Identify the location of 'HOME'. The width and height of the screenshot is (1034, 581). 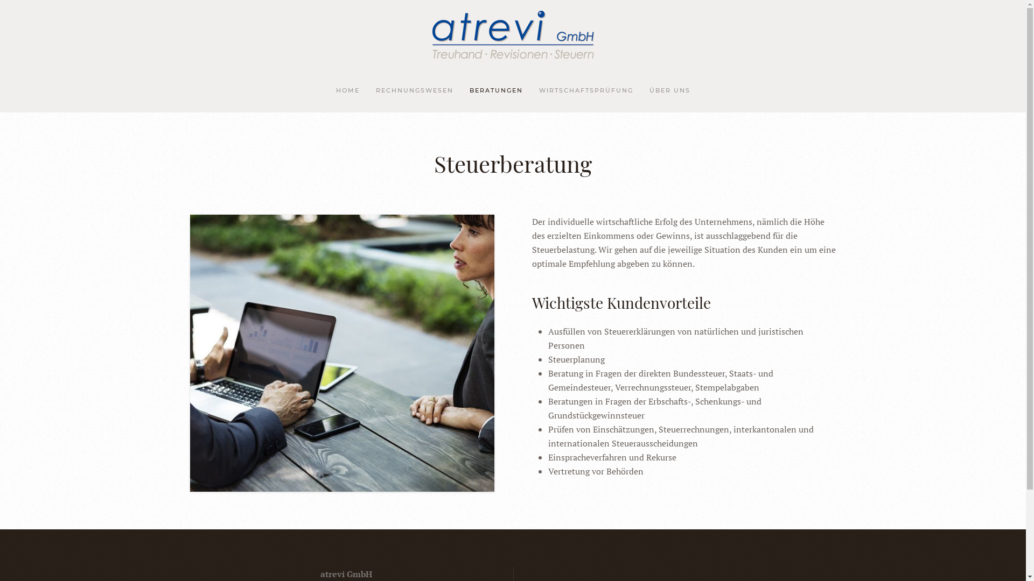
(347, 90).